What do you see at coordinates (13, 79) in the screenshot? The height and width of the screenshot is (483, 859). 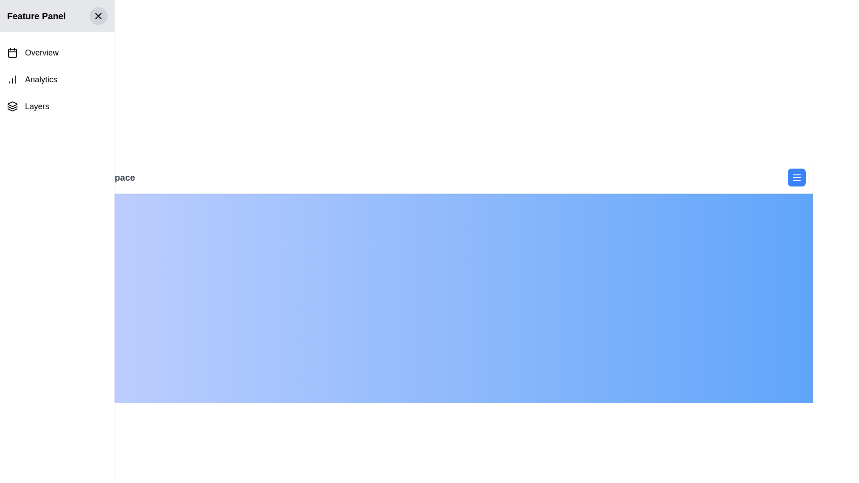 I see `the vertical column chart icon located in the 'Analytics' section, positioned to the left of the 'Analytics' label` at bounding box center [13, 79].